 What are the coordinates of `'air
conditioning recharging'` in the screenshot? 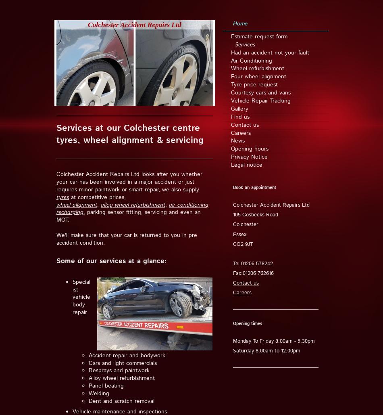 It's located at (132, 208).